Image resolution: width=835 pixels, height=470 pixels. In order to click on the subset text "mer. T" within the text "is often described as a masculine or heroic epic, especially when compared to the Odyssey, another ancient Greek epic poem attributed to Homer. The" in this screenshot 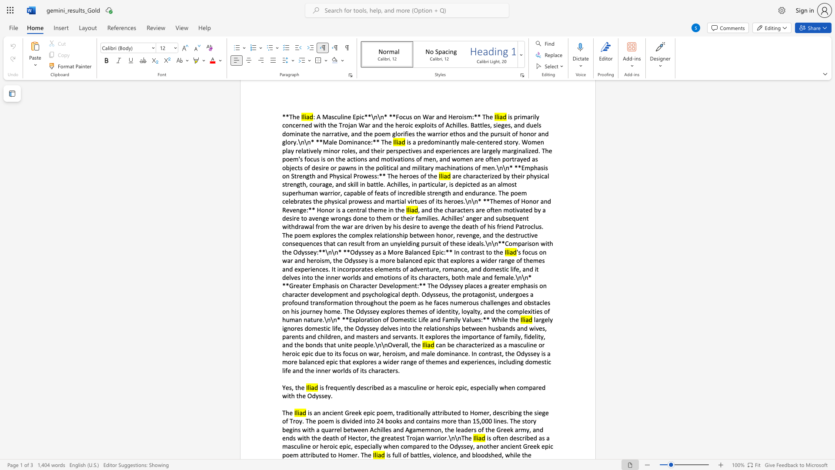, I will do `click(345, 454)`.